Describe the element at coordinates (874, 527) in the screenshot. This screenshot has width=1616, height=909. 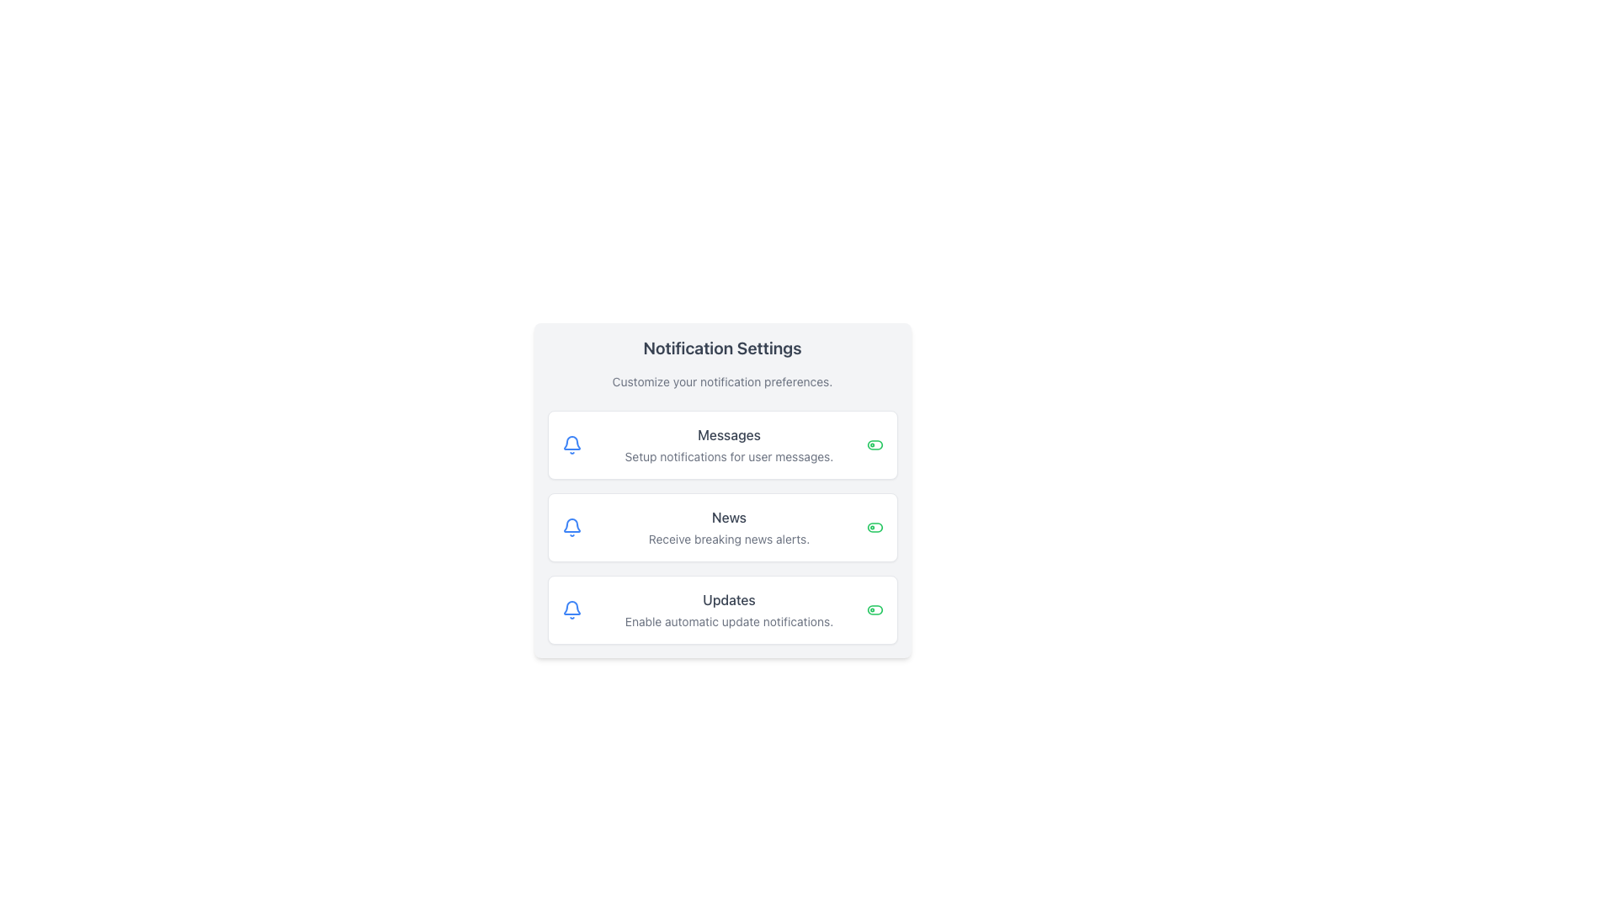
I see `the toggle switch in the 'News' section of the notification settings interface` at that location.